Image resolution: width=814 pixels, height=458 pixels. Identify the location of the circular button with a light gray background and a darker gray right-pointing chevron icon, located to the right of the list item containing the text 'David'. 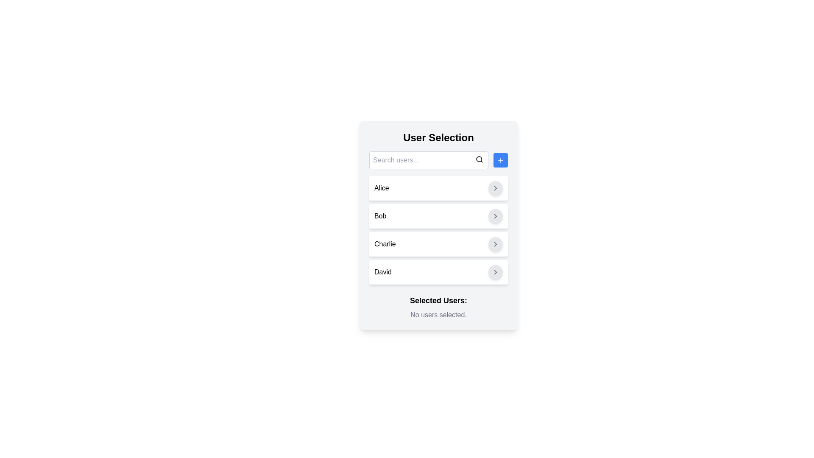
(496, 272).